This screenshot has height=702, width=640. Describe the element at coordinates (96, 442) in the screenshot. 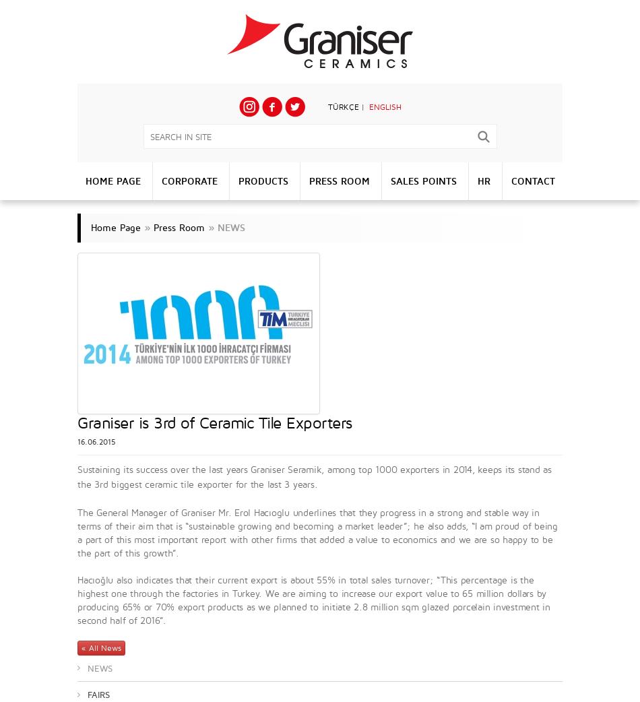

I see `'16.06.2015'` at that location.